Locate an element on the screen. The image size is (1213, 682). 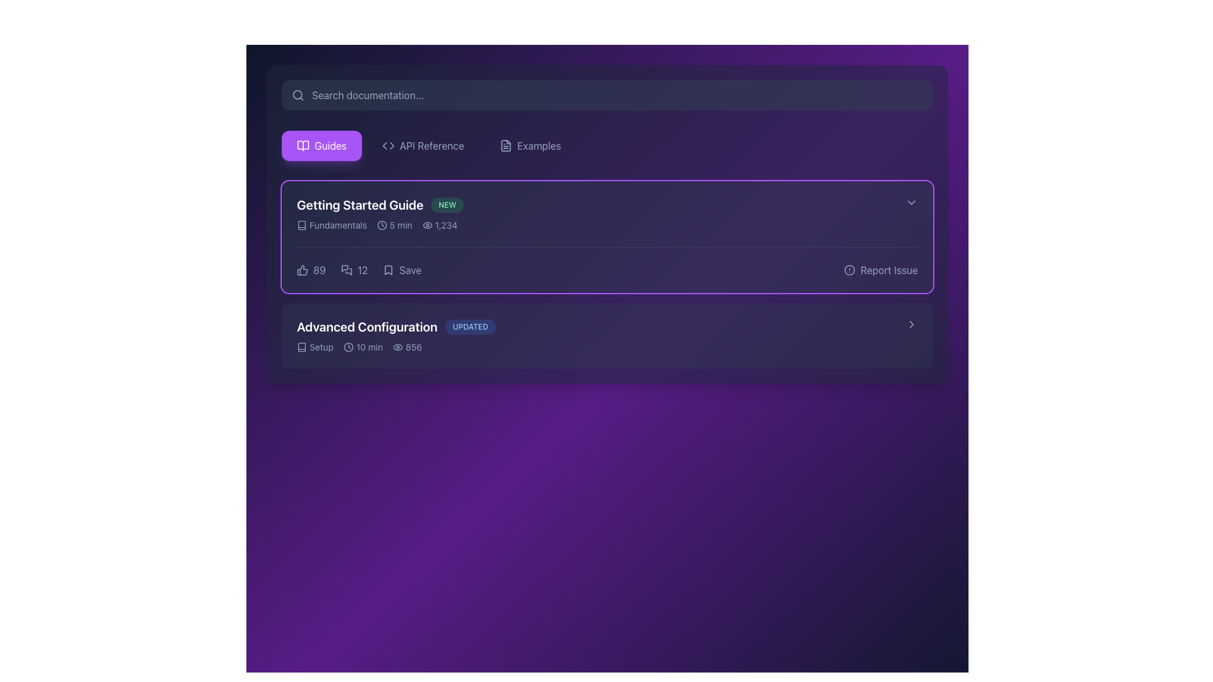
the clickable text label 'Report Issue' located in the bottom-right corner of the 'Getting Started Guide' card to possibly see additional information is located at coordinates (888, 270).